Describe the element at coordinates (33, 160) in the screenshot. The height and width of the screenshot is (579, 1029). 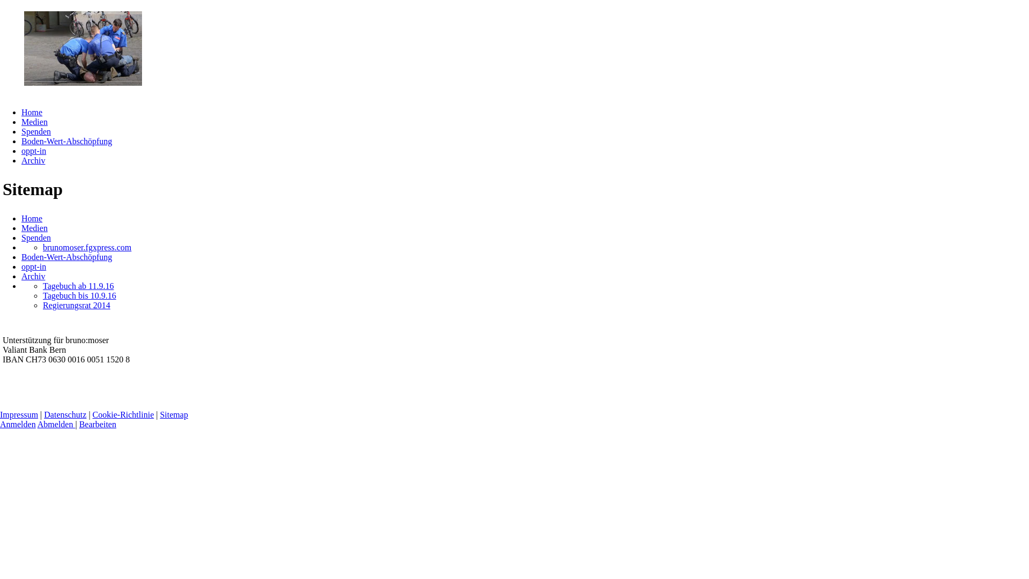
I see `'Archiv'` at that location.